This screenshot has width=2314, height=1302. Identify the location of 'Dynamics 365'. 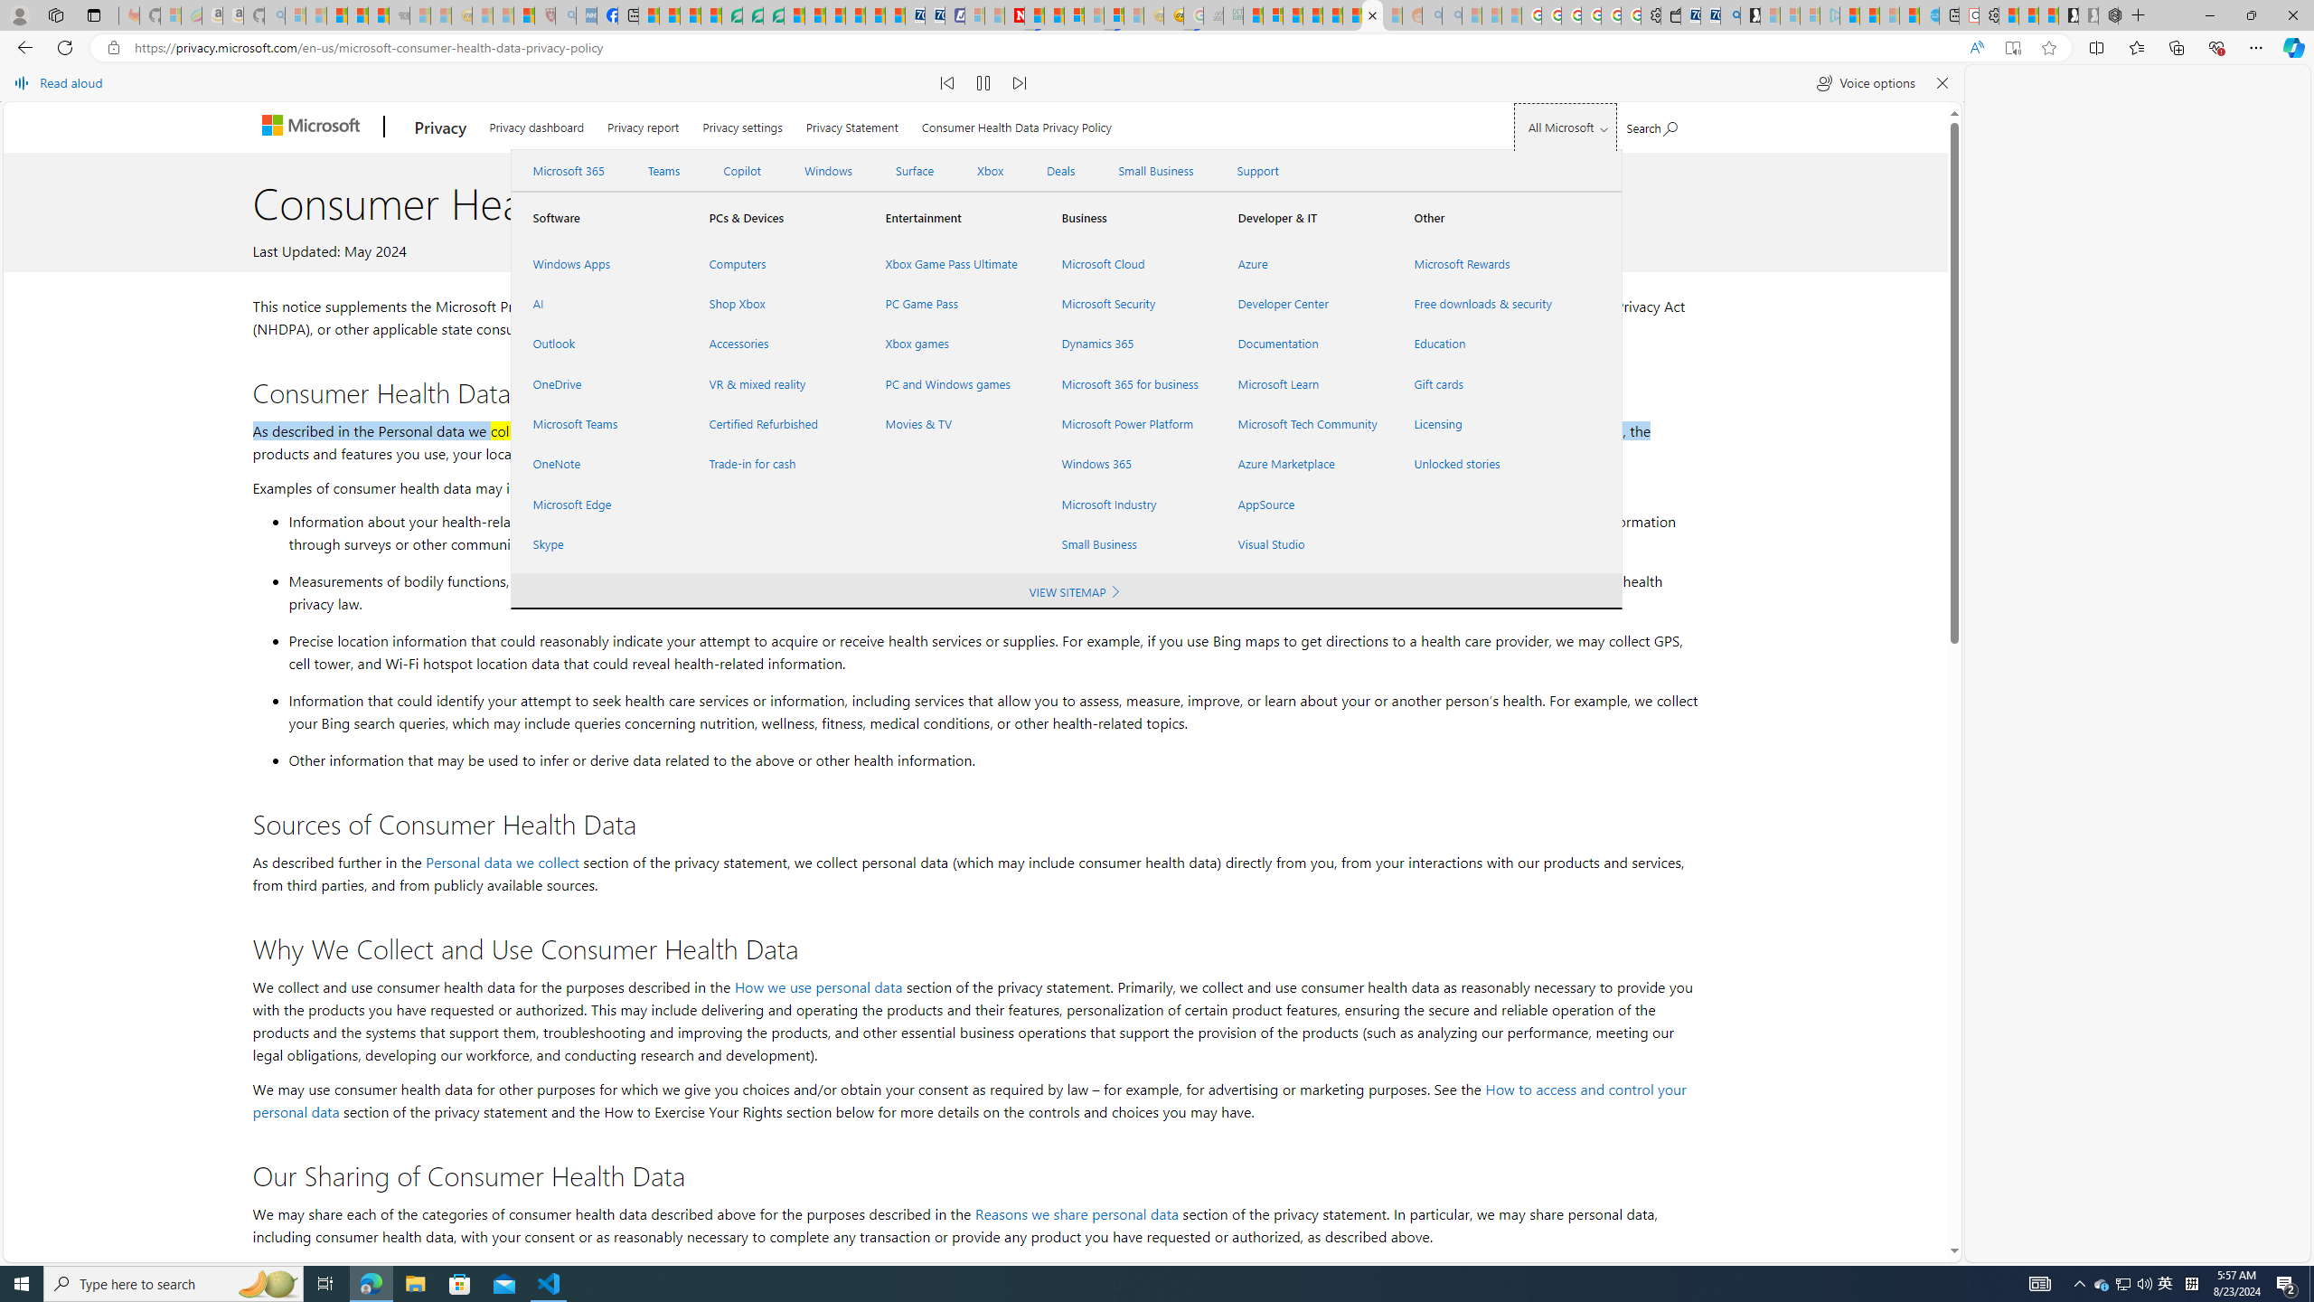
(1127, 343).